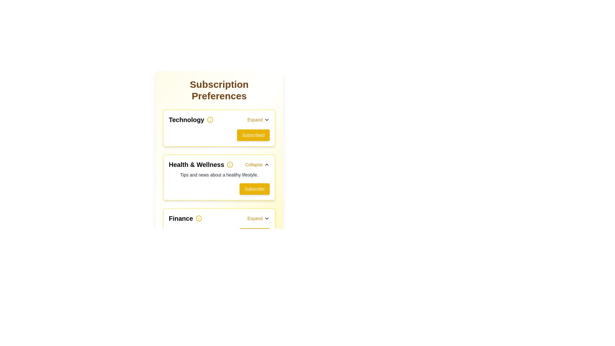  I want to click on the information icon located immediately to the right of the 'Finance' text in the Finance subscription section, so click(198, 218).